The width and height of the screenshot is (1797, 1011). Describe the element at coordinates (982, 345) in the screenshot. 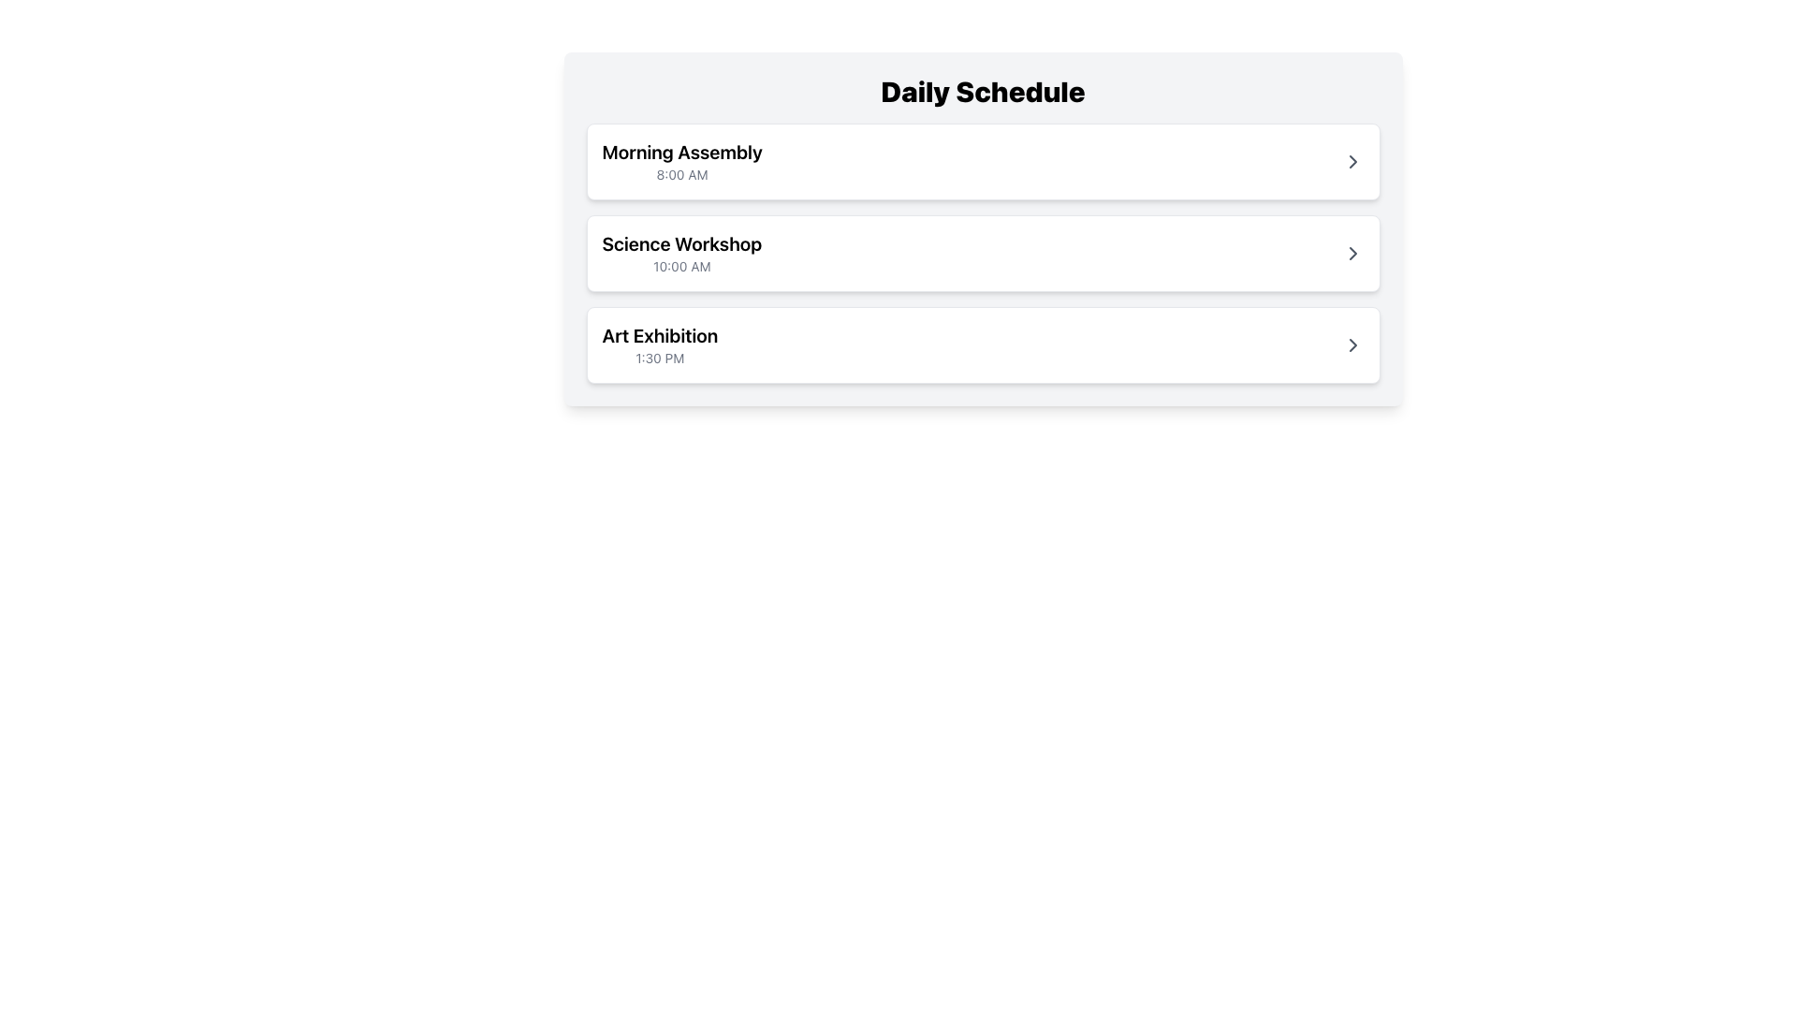

I see `the 'Art Exhibition' list item in the 'Daily Schedule' section` at that location.